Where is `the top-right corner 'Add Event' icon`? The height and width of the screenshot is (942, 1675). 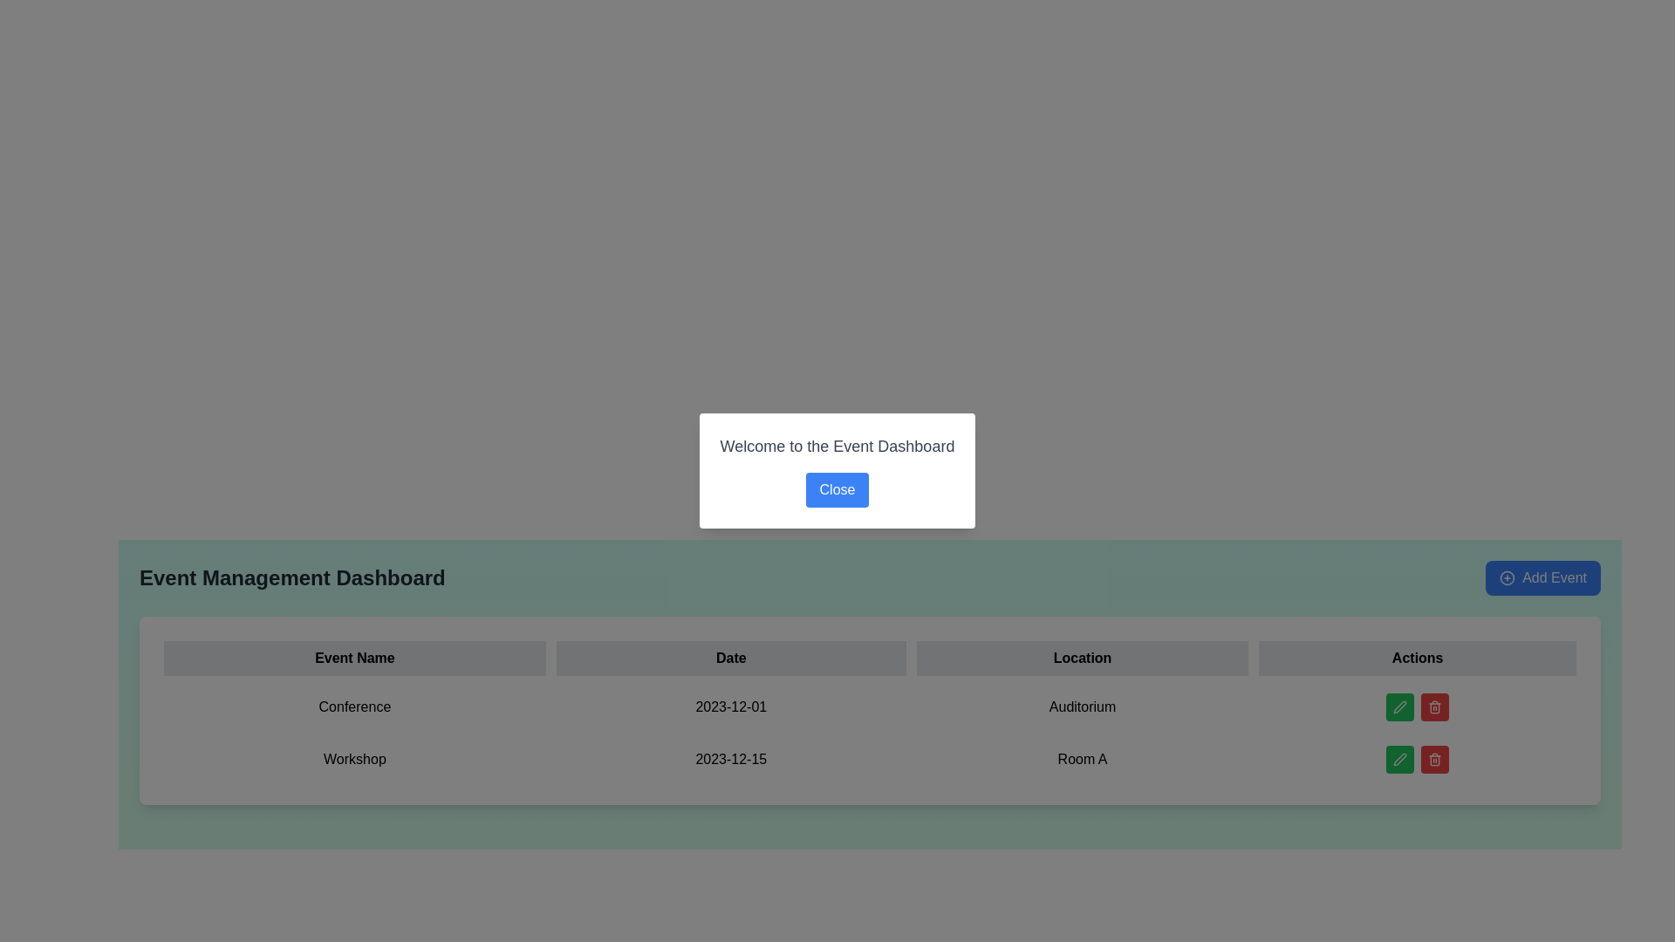 the top-right corner 'Add Event' icon is located at coordinates (1507, 578).